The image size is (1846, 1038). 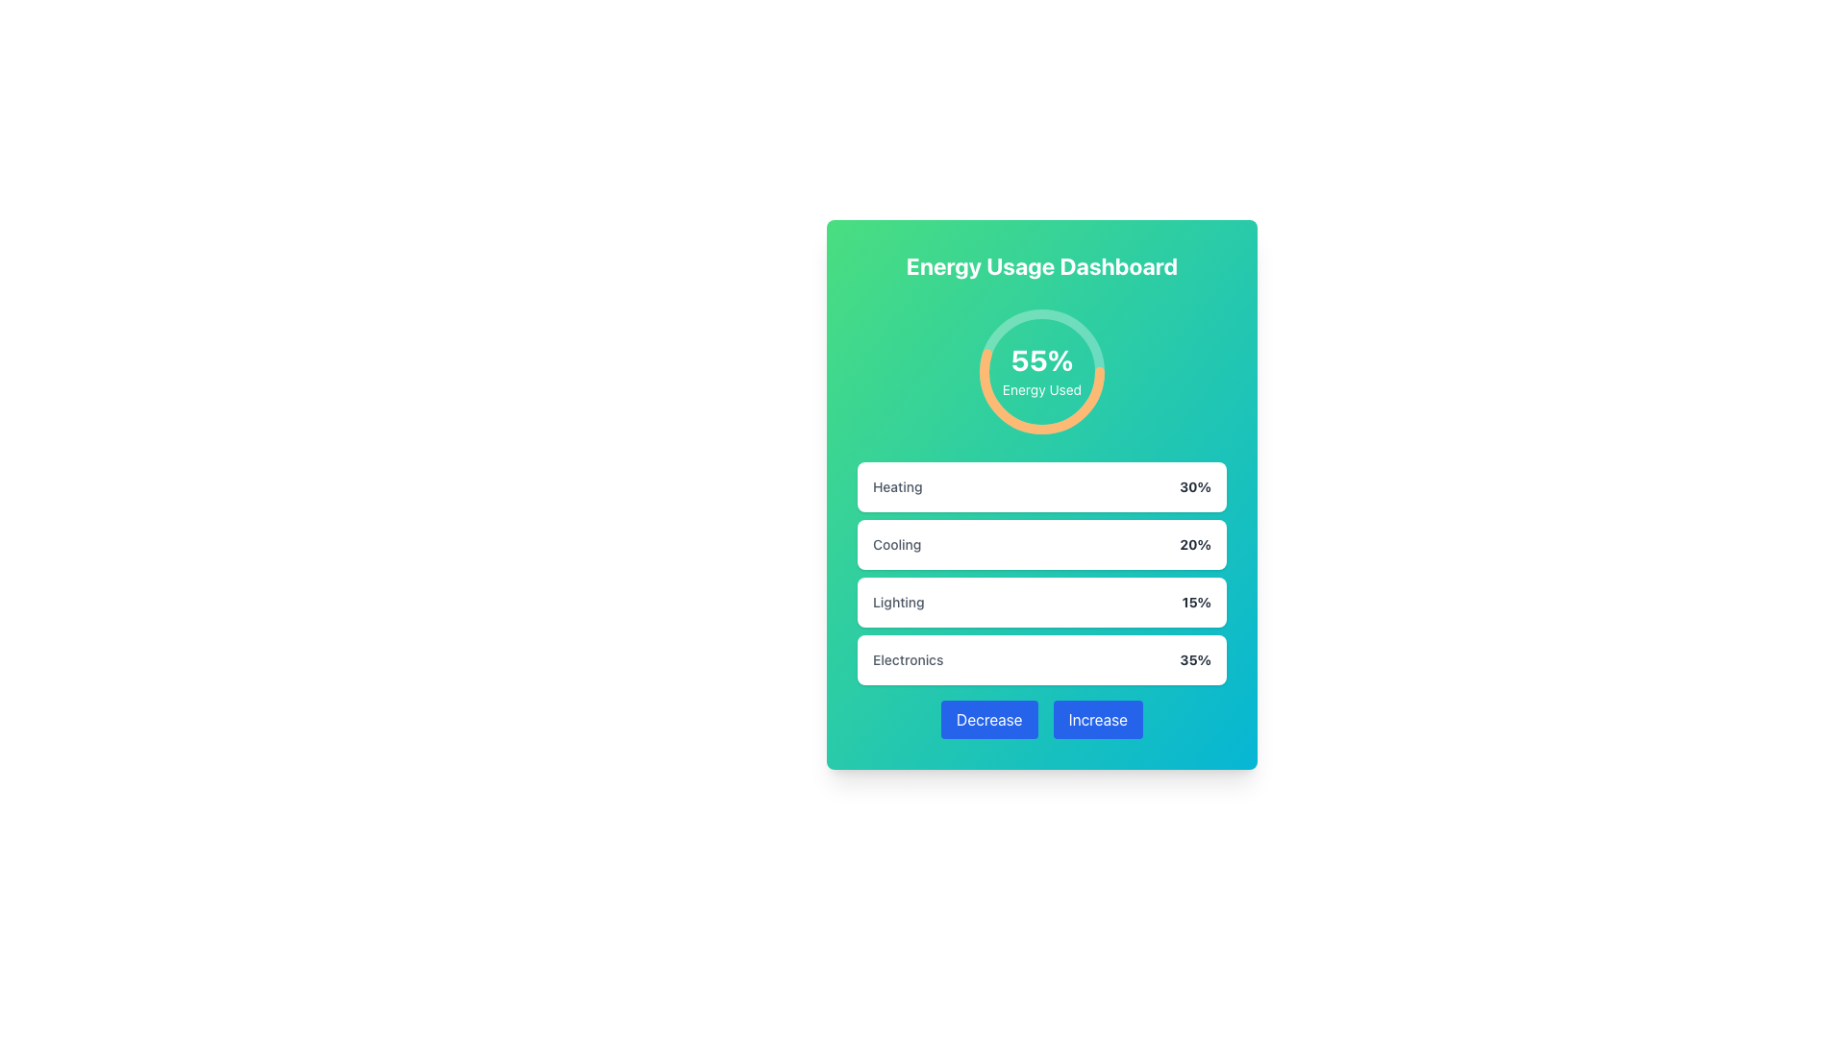 What do you see at coordinates (896, 545) in the screenshot?
I see `the 'Cooling' text label, which identifies the category within the energy usage statistics card, positioned to the left side of the card titled 'Cooling 20%', located beneath the 'Heating' card and above the 'Lighting' card` at bounding box center [896, 545].